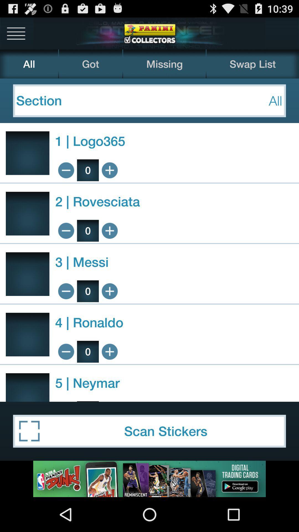  Describe the element at coordinates (110, 351) in the screenshot. I see `one` at that location.